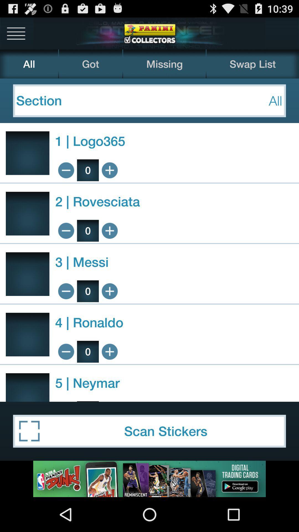  Describe the element at coordinates (110, 351) in the screenshot. I see `one` at that location.